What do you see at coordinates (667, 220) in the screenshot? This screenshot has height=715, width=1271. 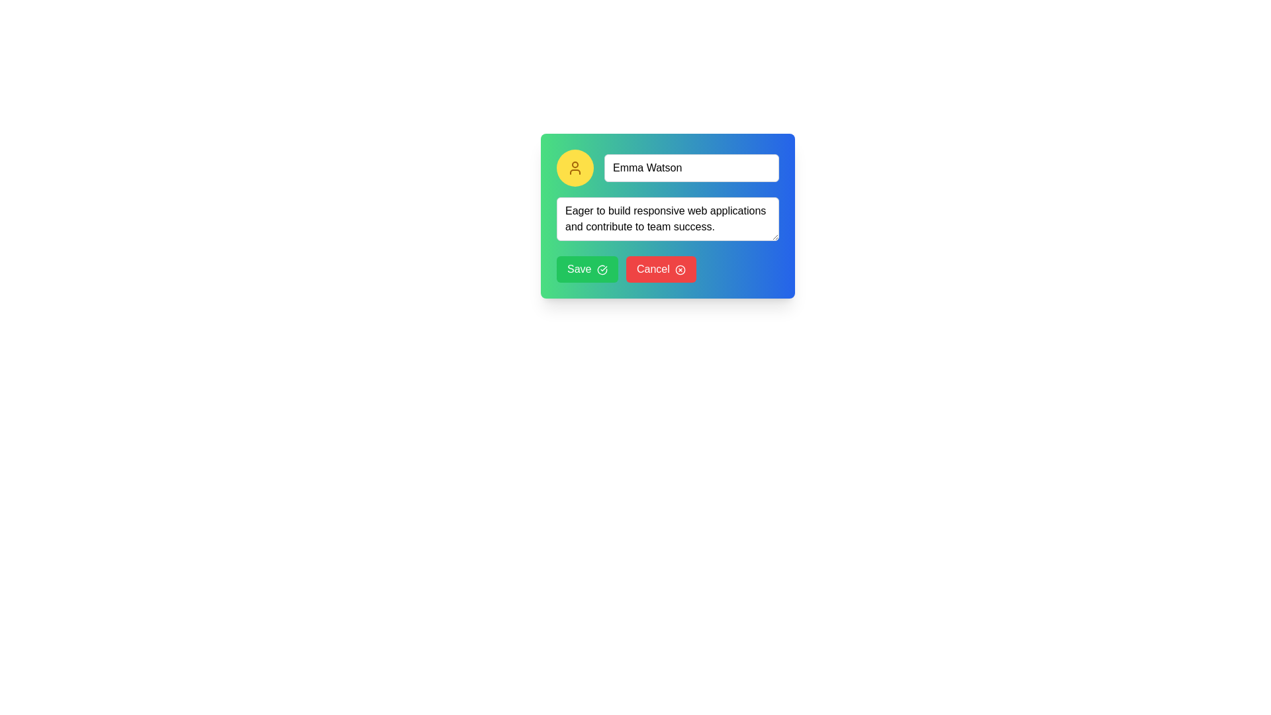 I see `the multiline text input field styled with a white background and gray border that contains pre-filled text about building responsive web applications` at bounding box center [667, 220].